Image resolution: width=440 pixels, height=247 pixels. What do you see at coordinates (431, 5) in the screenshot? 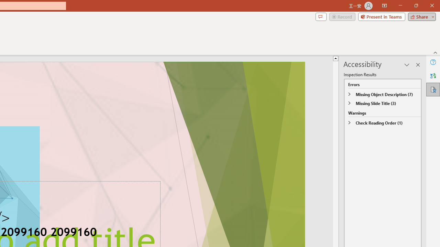
I see `'Close'` at bounding box center [431, 5].